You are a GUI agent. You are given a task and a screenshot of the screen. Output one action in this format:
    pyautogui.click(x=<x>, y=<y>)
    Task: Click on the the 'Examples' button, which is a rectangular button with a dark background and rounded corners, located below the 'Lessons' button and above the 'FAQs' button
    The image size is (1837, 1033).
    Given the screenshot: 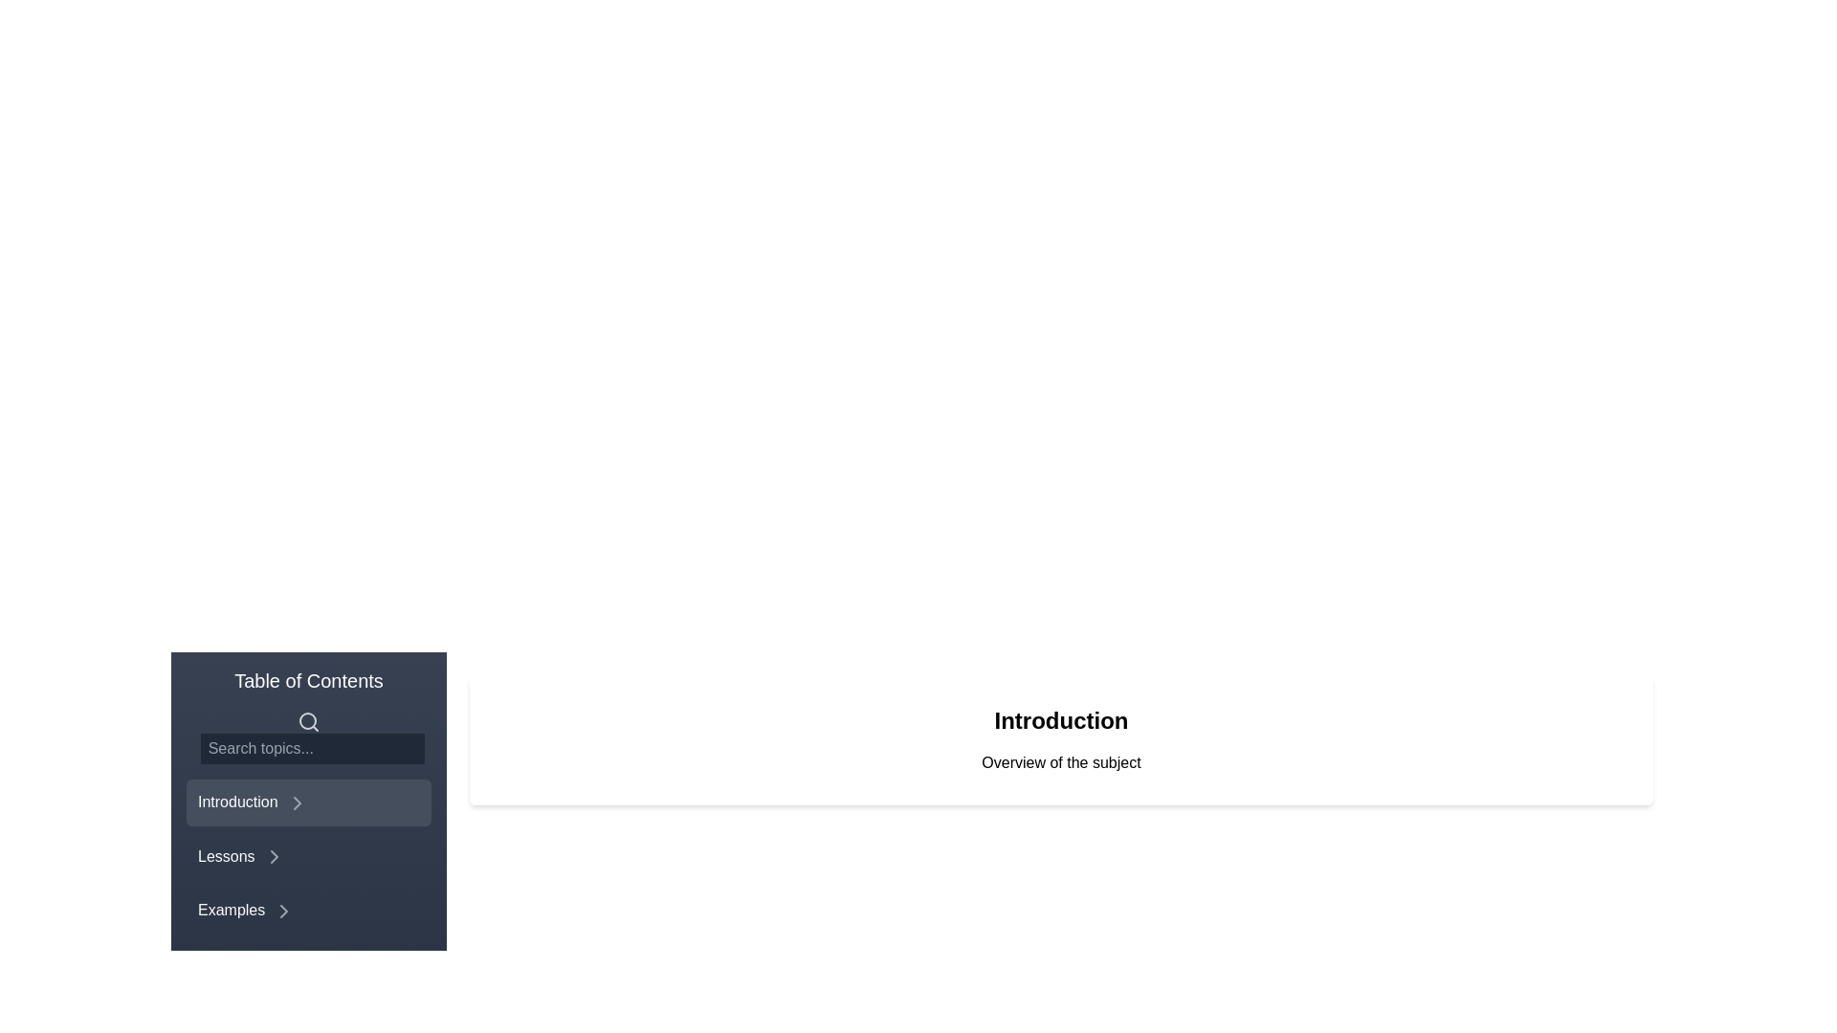 What is the action you would take?
    pyautogui.click(x=308, y=910)
    